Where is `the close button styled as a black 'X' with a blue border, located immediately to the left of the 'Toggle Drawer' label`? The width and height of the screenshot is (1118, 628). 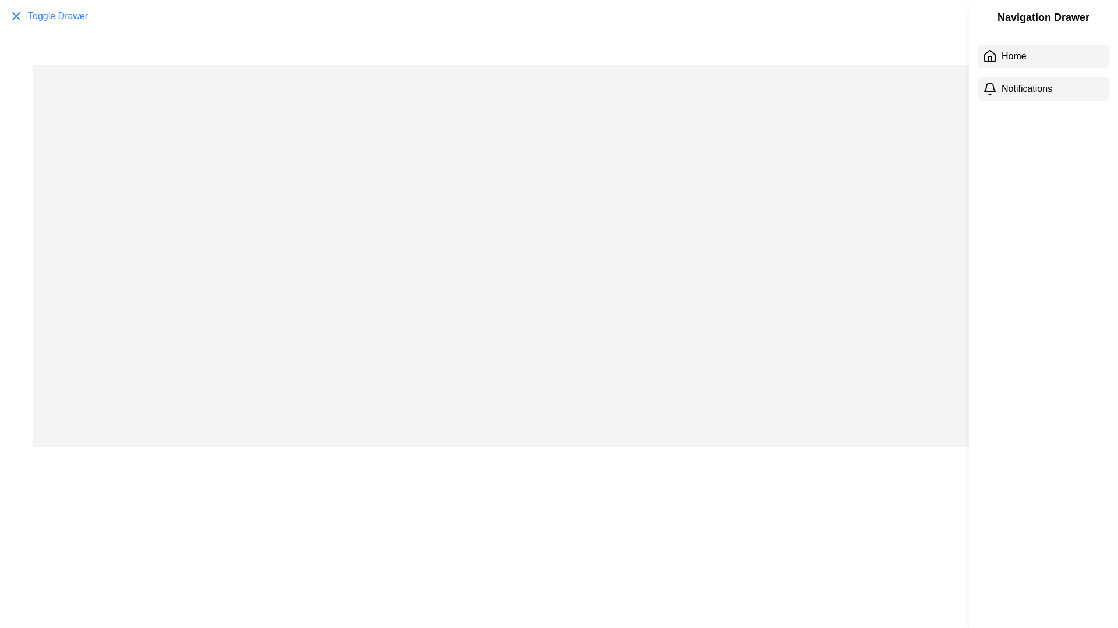
the close button styled as a black 'X' with a blue border, located immediately to the left of the 'Toggle Drawer' label is located at coordinates (16, 16).